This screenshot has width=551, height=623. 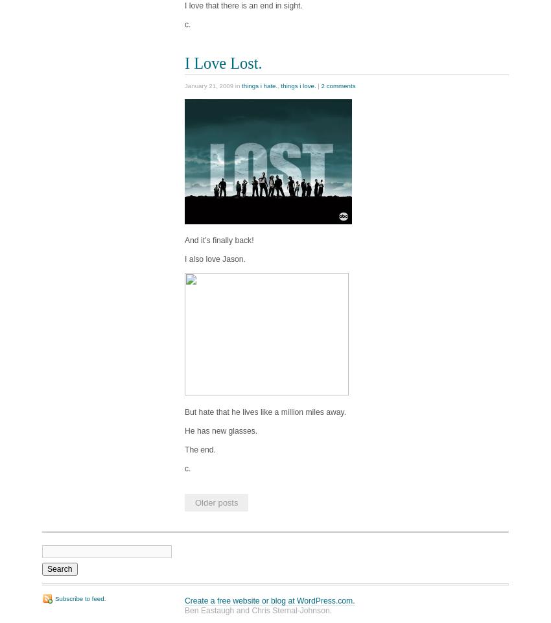 I want to click on 'January 21, 2009 in', so click(x=213, y=85).